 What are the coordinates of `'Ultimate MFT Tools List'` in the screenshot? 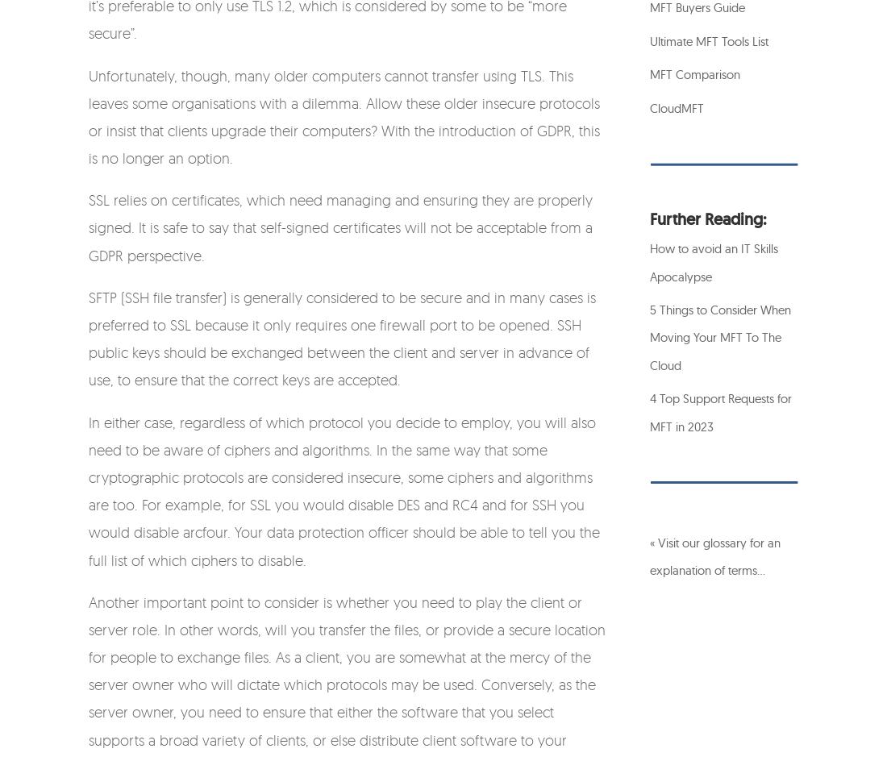 It's located at (708, 40).